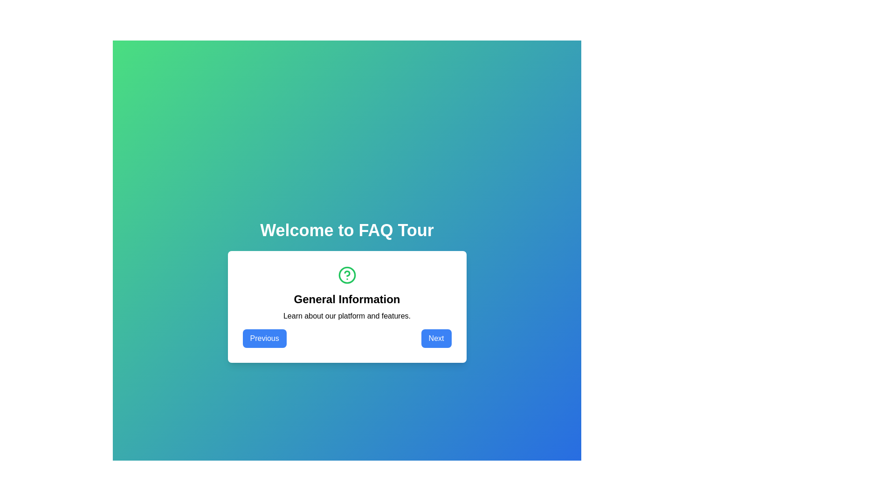  Describe the element at coordinates (436, 338) in the screenshot. I see `the 'Next' button with rounded corners and blue background located in the bottom-right corner of the modal/dialog box to proceed` at that location.